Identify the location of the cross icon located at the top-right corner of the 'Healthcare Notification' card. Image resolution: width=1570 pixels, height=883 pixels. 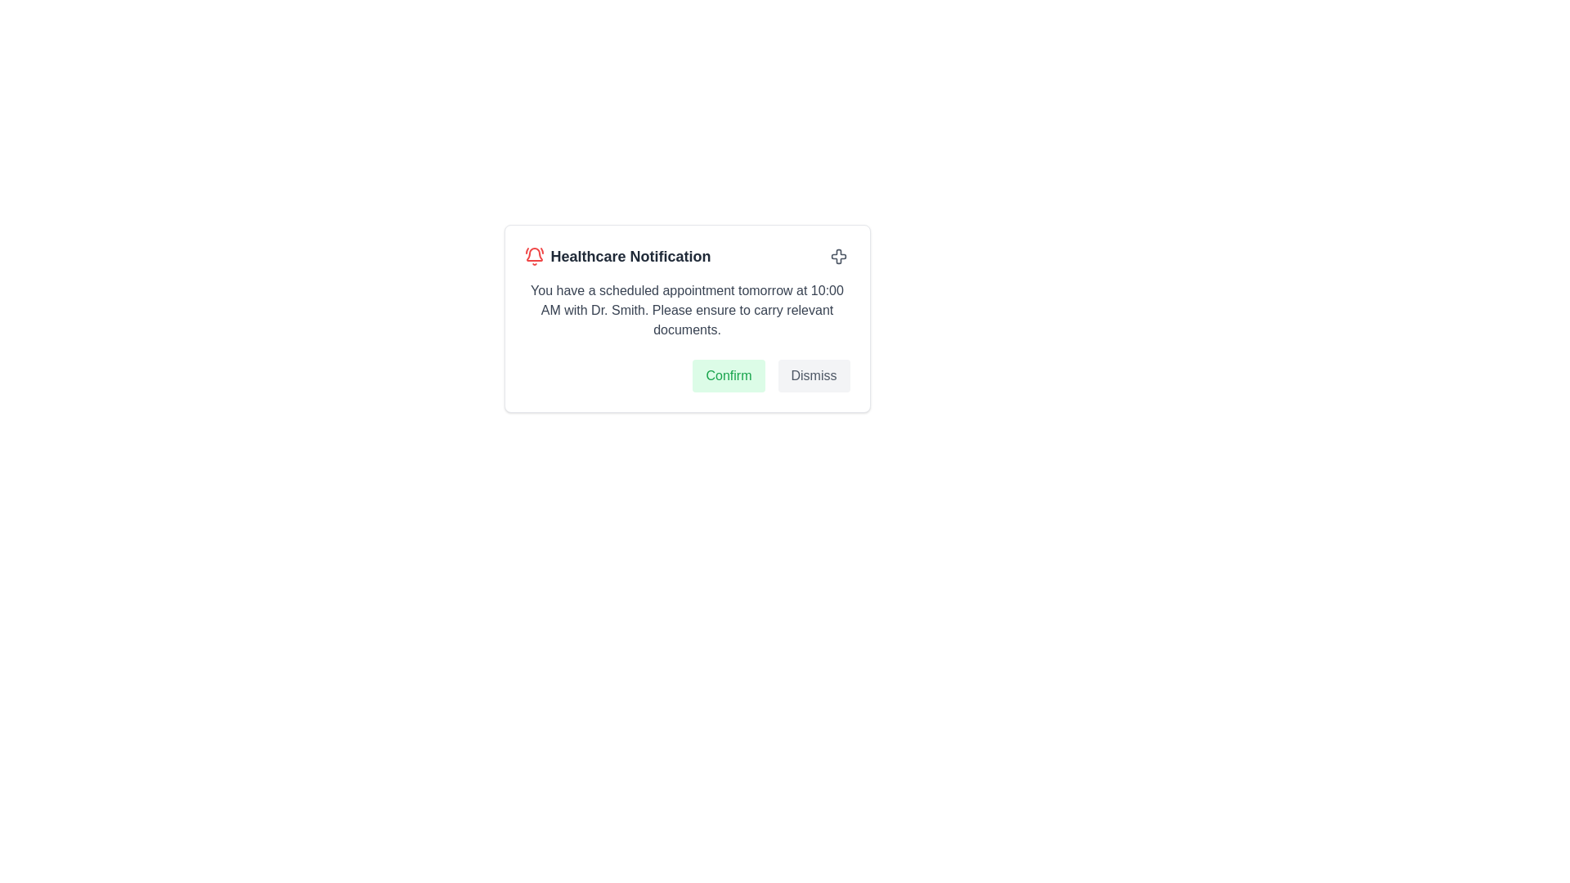
(838, 256).